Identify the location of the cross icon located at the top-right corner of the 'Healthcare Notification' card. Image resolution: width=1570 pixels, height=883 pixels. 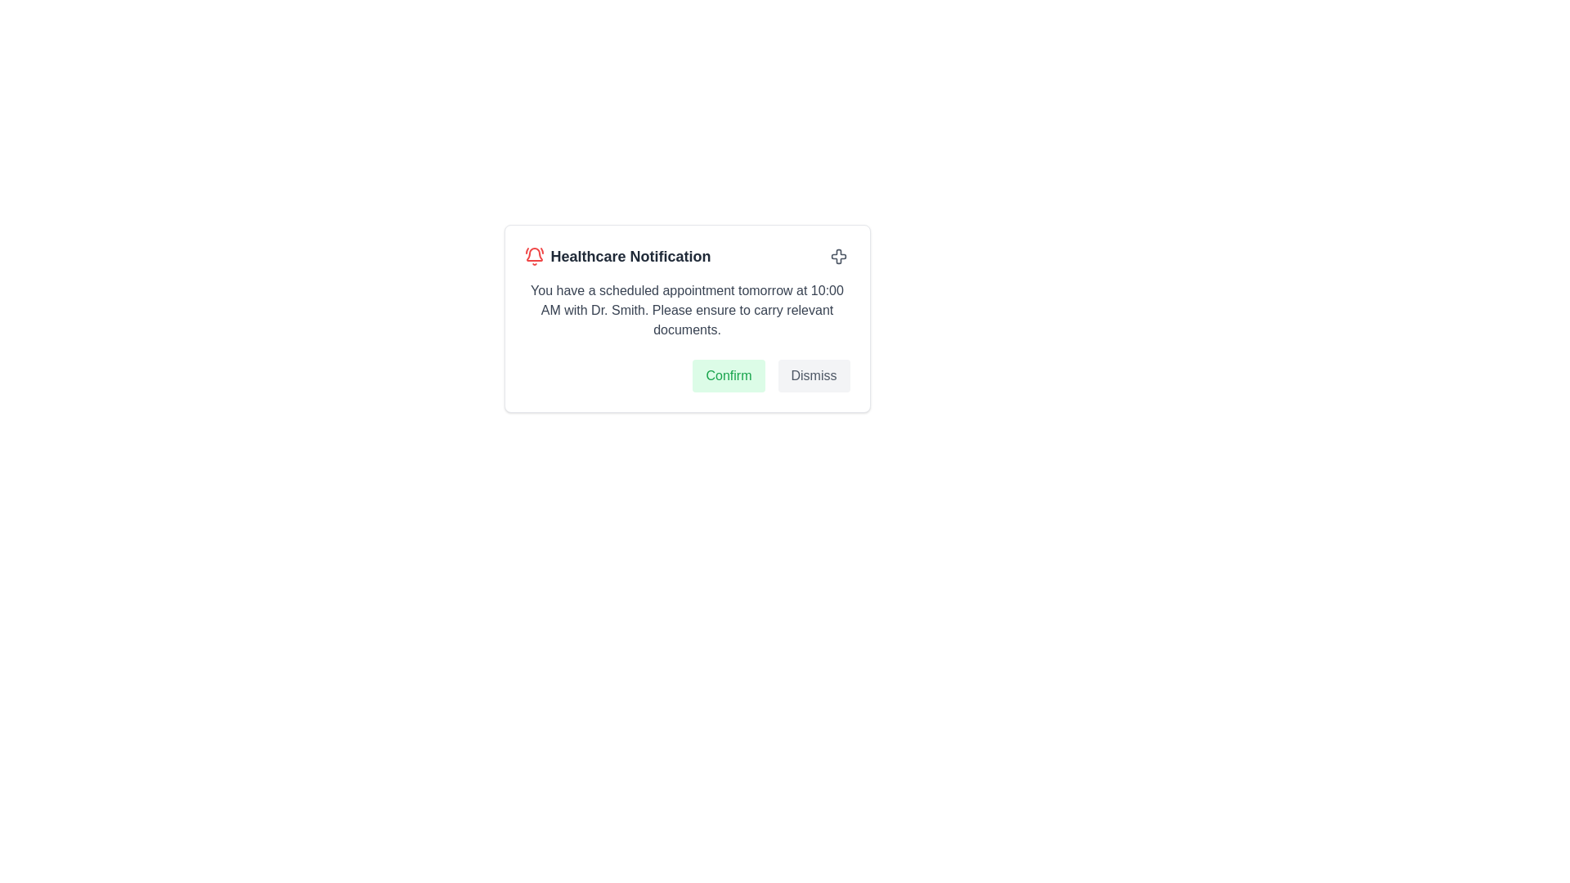
(838, 256).